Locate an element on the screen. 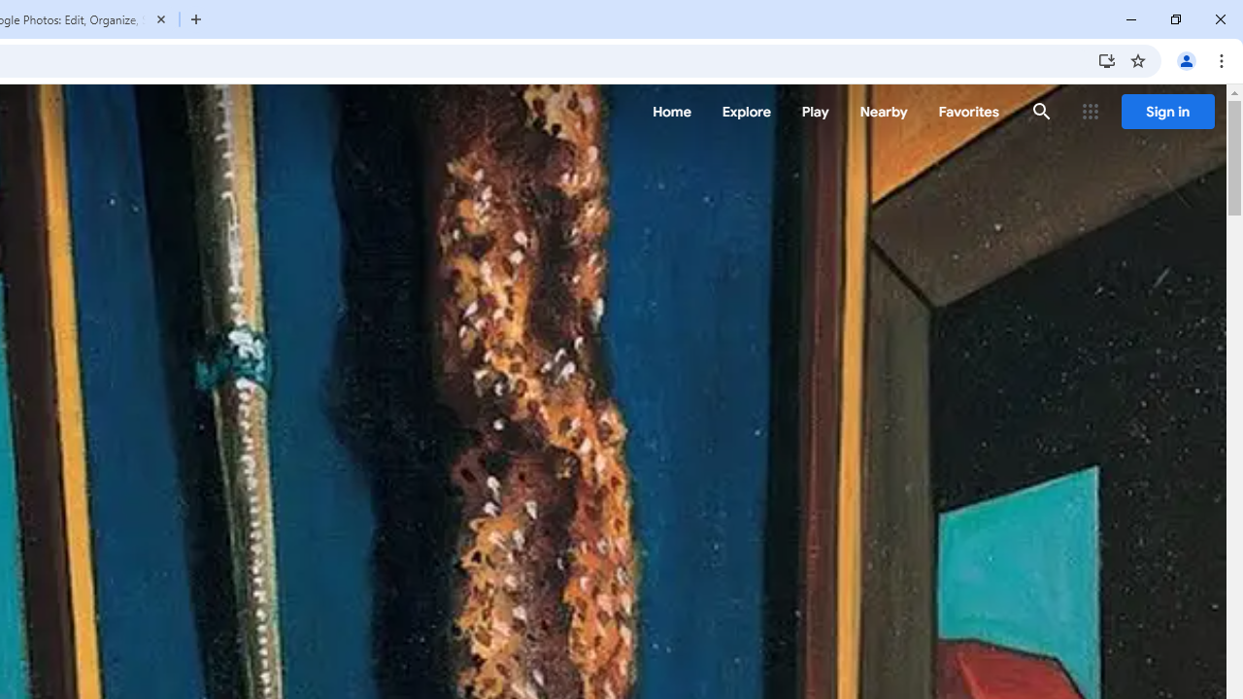  'Favorites' is located at coordinates (968, 112).